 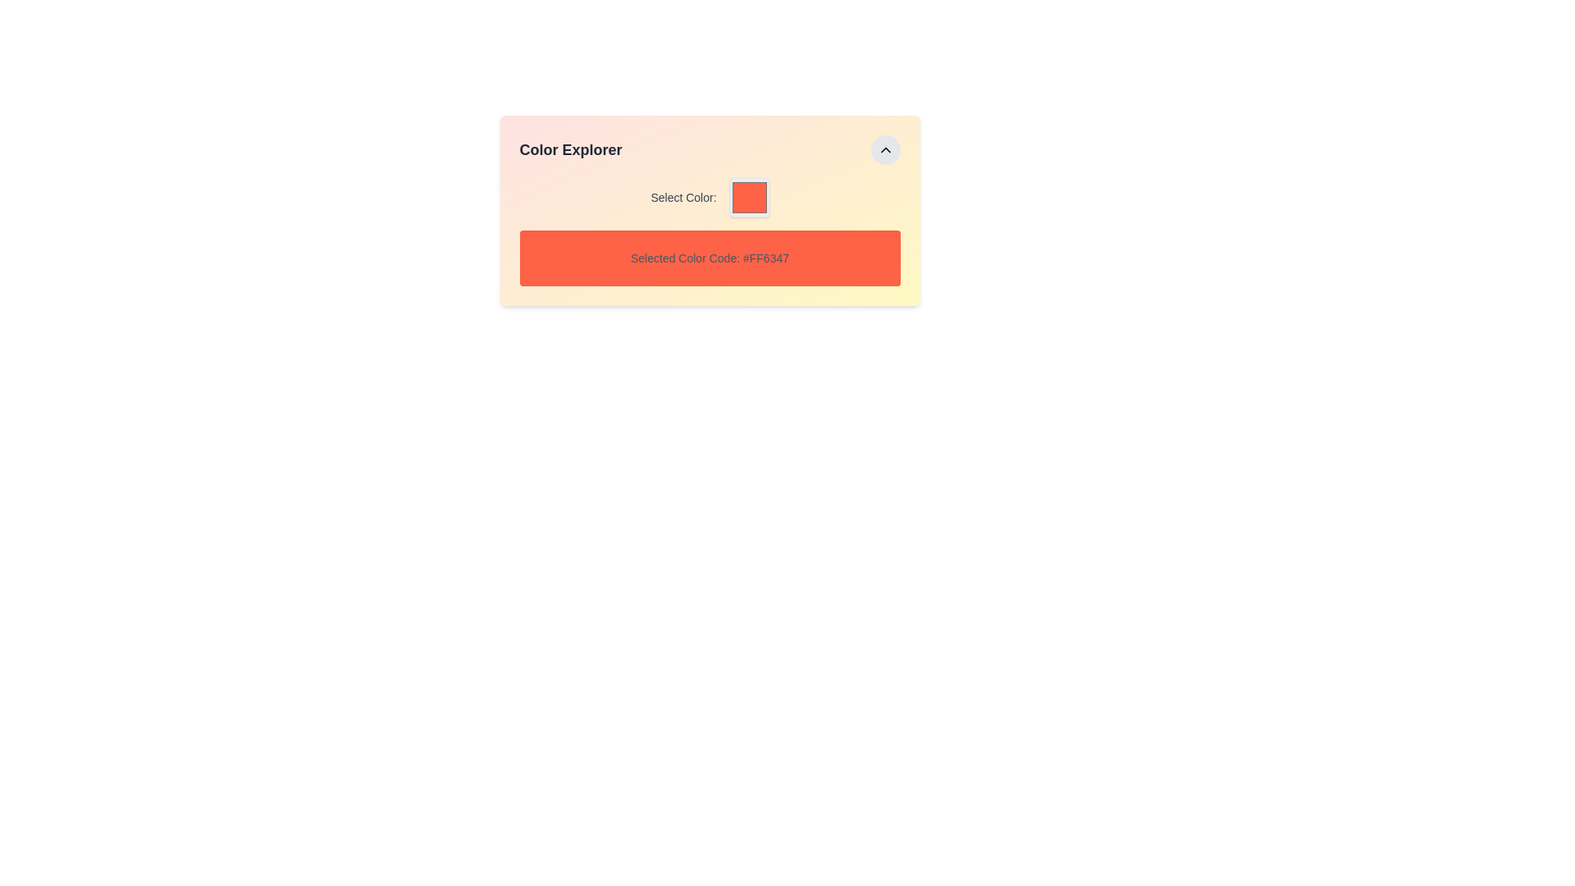 What do you see at coordinates (710, 231) in the screenshot?
I see `the informational text block displaying the selected color code '#FF6347' with a red-orange background, located beneath the 'Select Color' section in the 'Color Explorer' card` at bounding box center [710, 231].